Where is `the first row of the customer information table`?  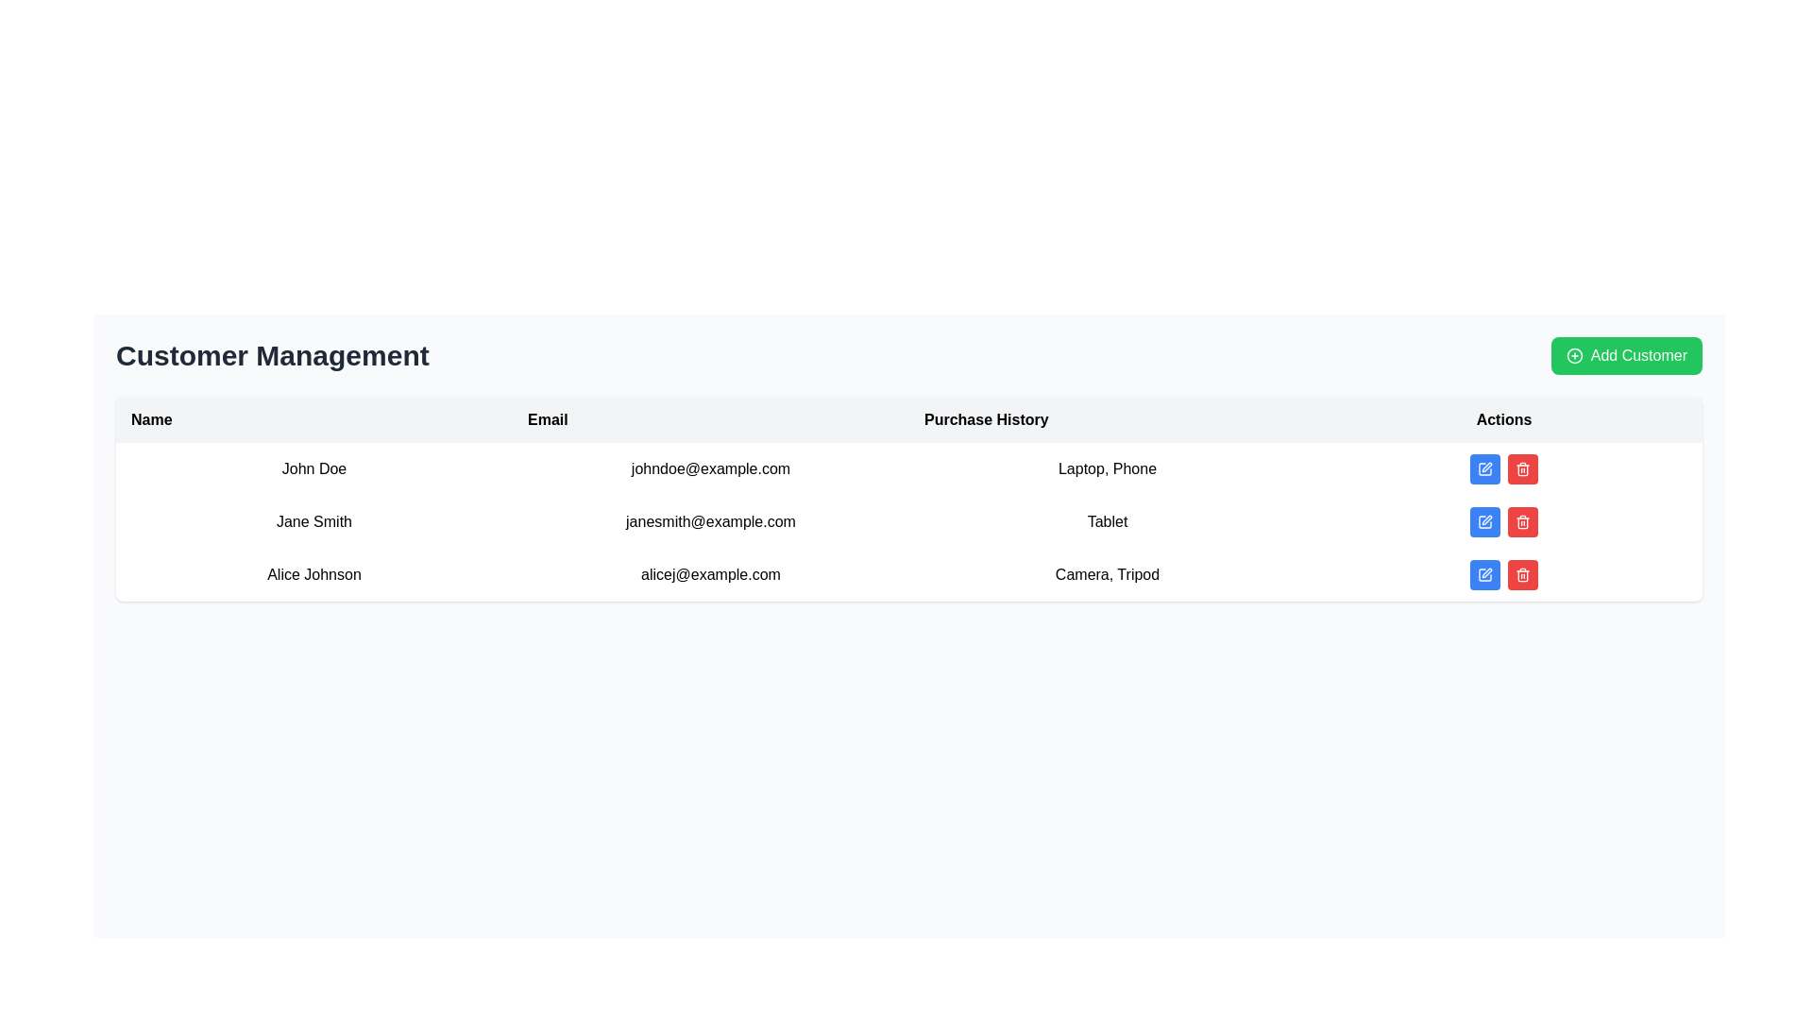 the first row of the customer information table is located at coordinates (909, 468).